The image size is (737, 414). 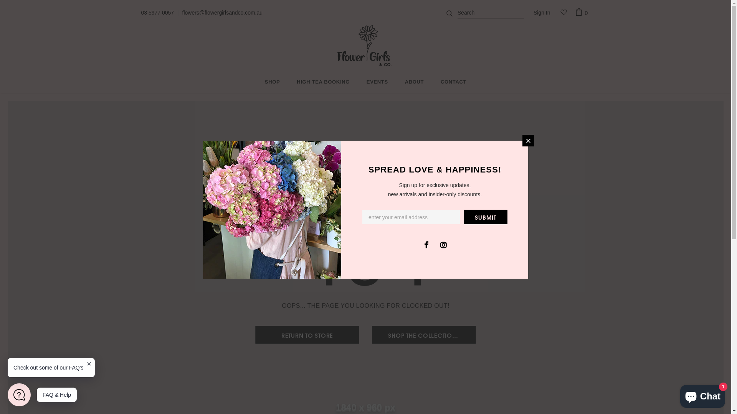 I want to click on 'Facebook', so click(x=425, y=244).